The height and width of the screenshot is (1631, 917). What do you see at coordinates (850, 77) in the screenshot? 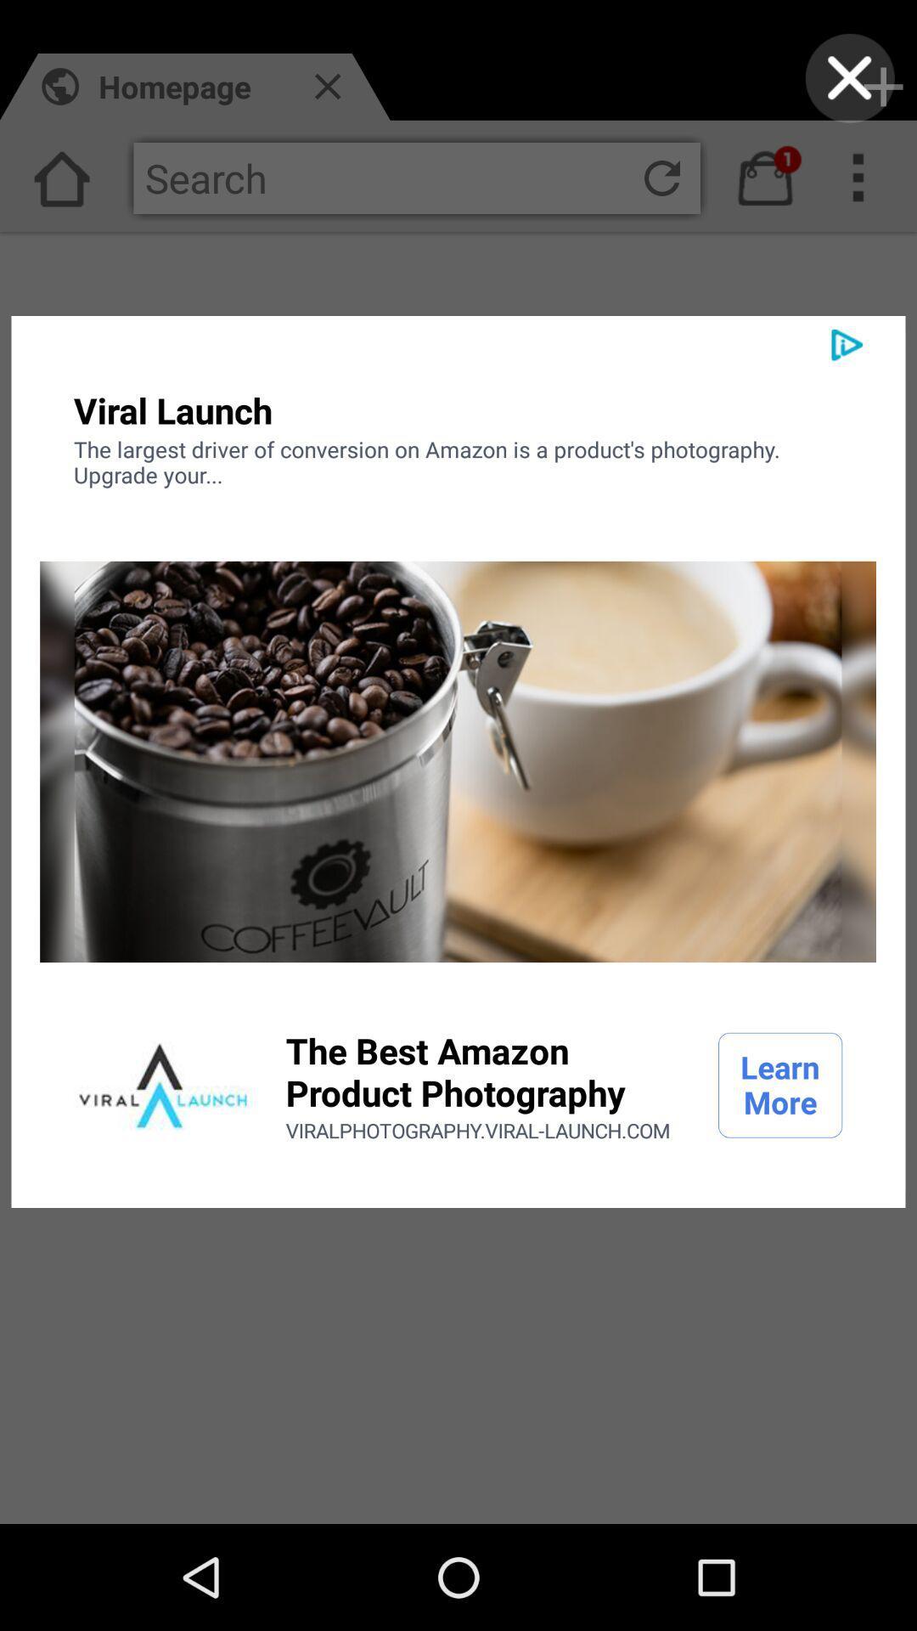
I see `exit all` at bounding box center [850, 77].